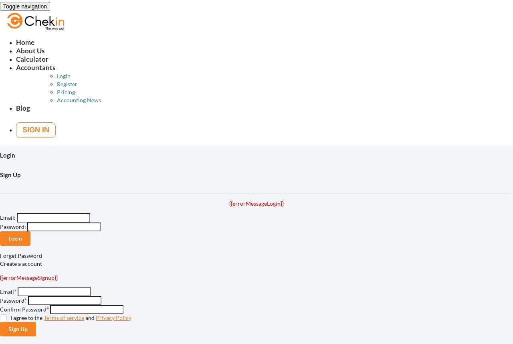  I want to click on '{{errorMessageLogin}}', so click(256, 203).